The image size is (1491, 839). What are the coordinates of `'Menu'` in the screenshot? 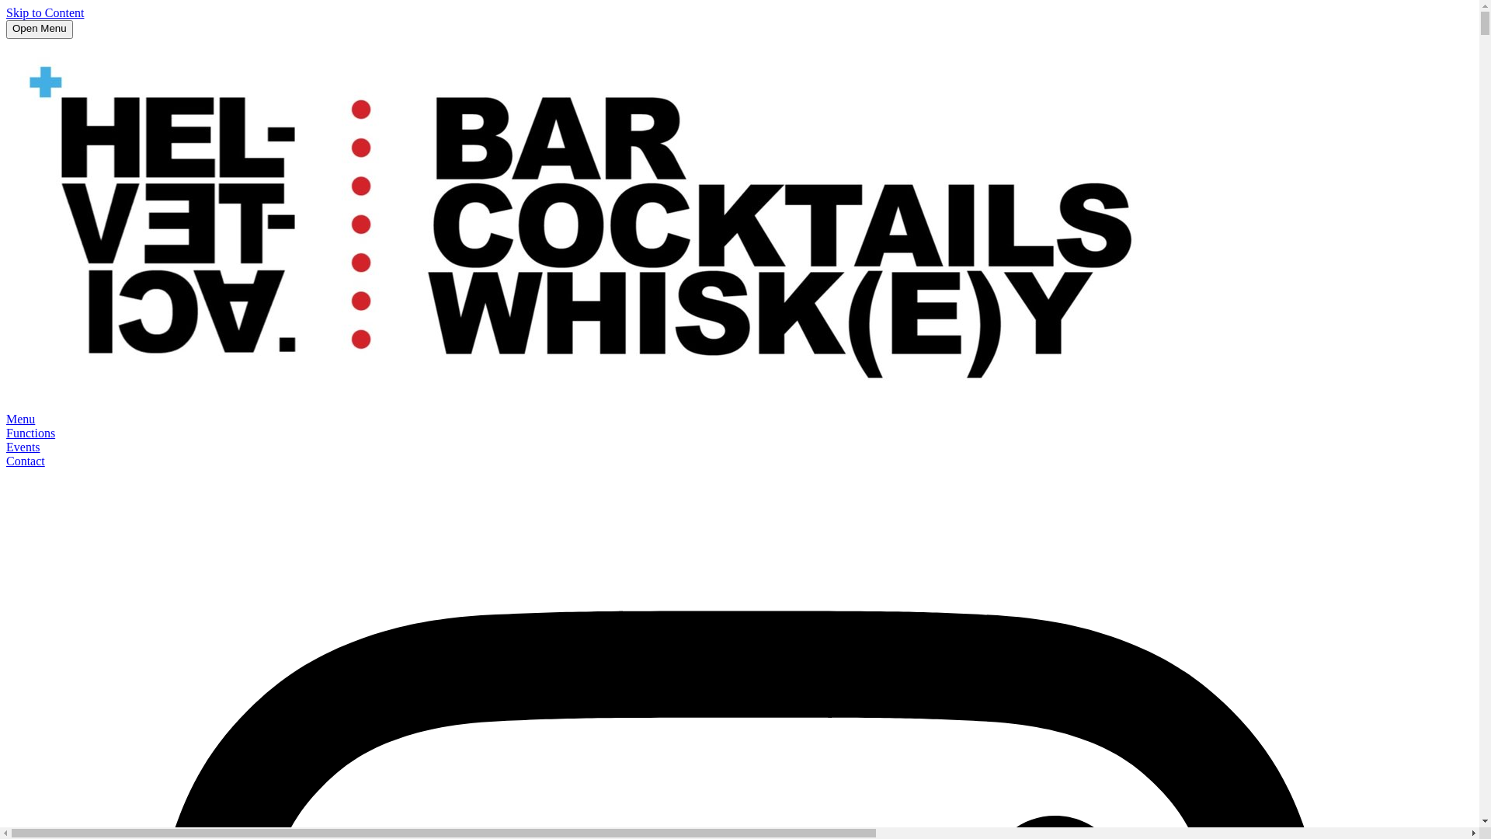 It's located at (20, 418).